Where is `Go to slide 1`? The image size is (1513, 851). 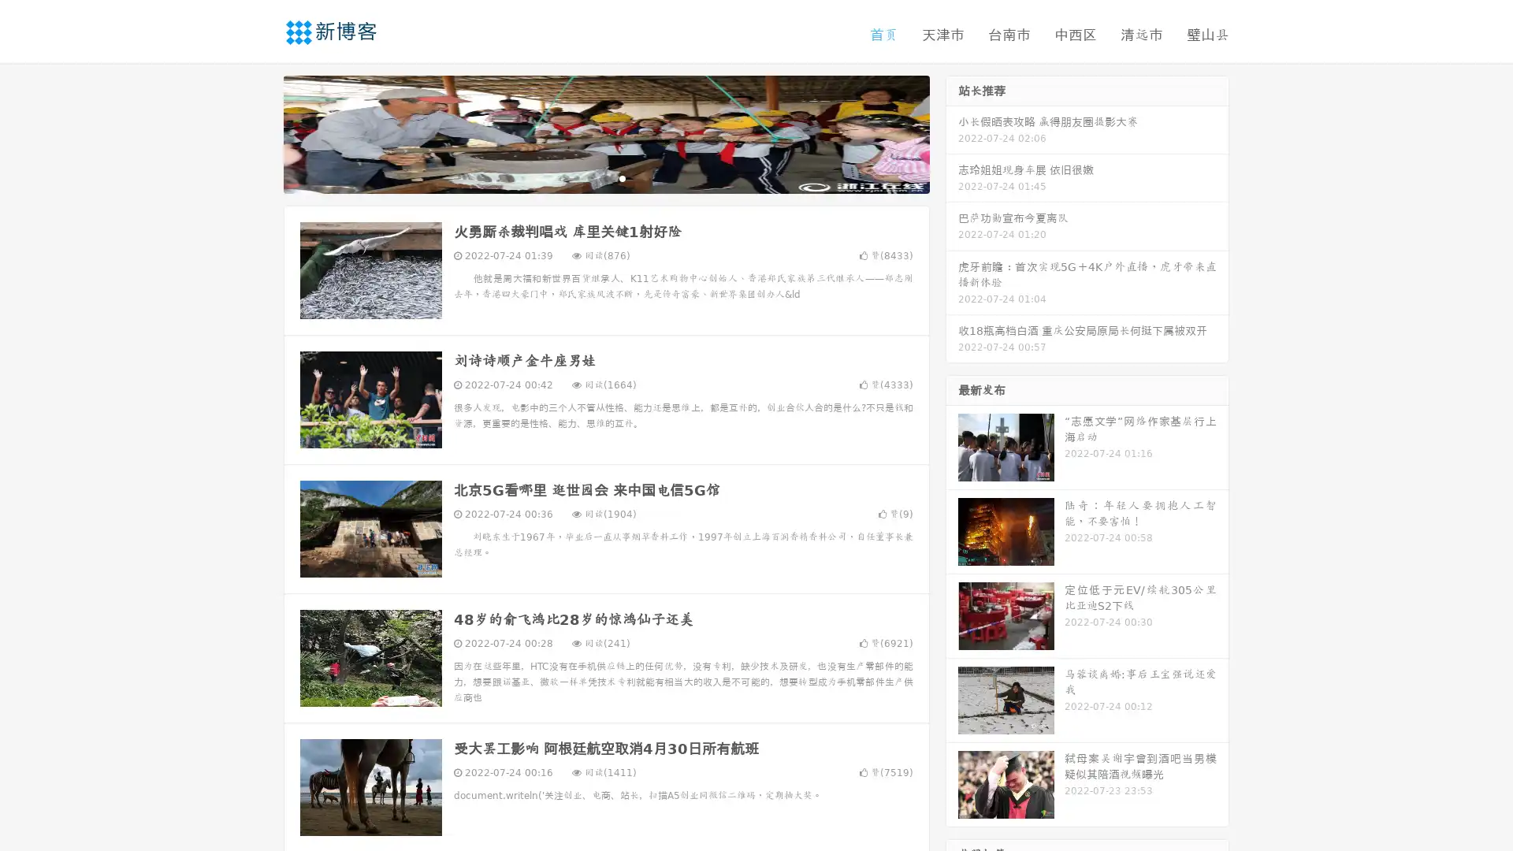 Go to slide 1 is located at coordinates (589, 177).